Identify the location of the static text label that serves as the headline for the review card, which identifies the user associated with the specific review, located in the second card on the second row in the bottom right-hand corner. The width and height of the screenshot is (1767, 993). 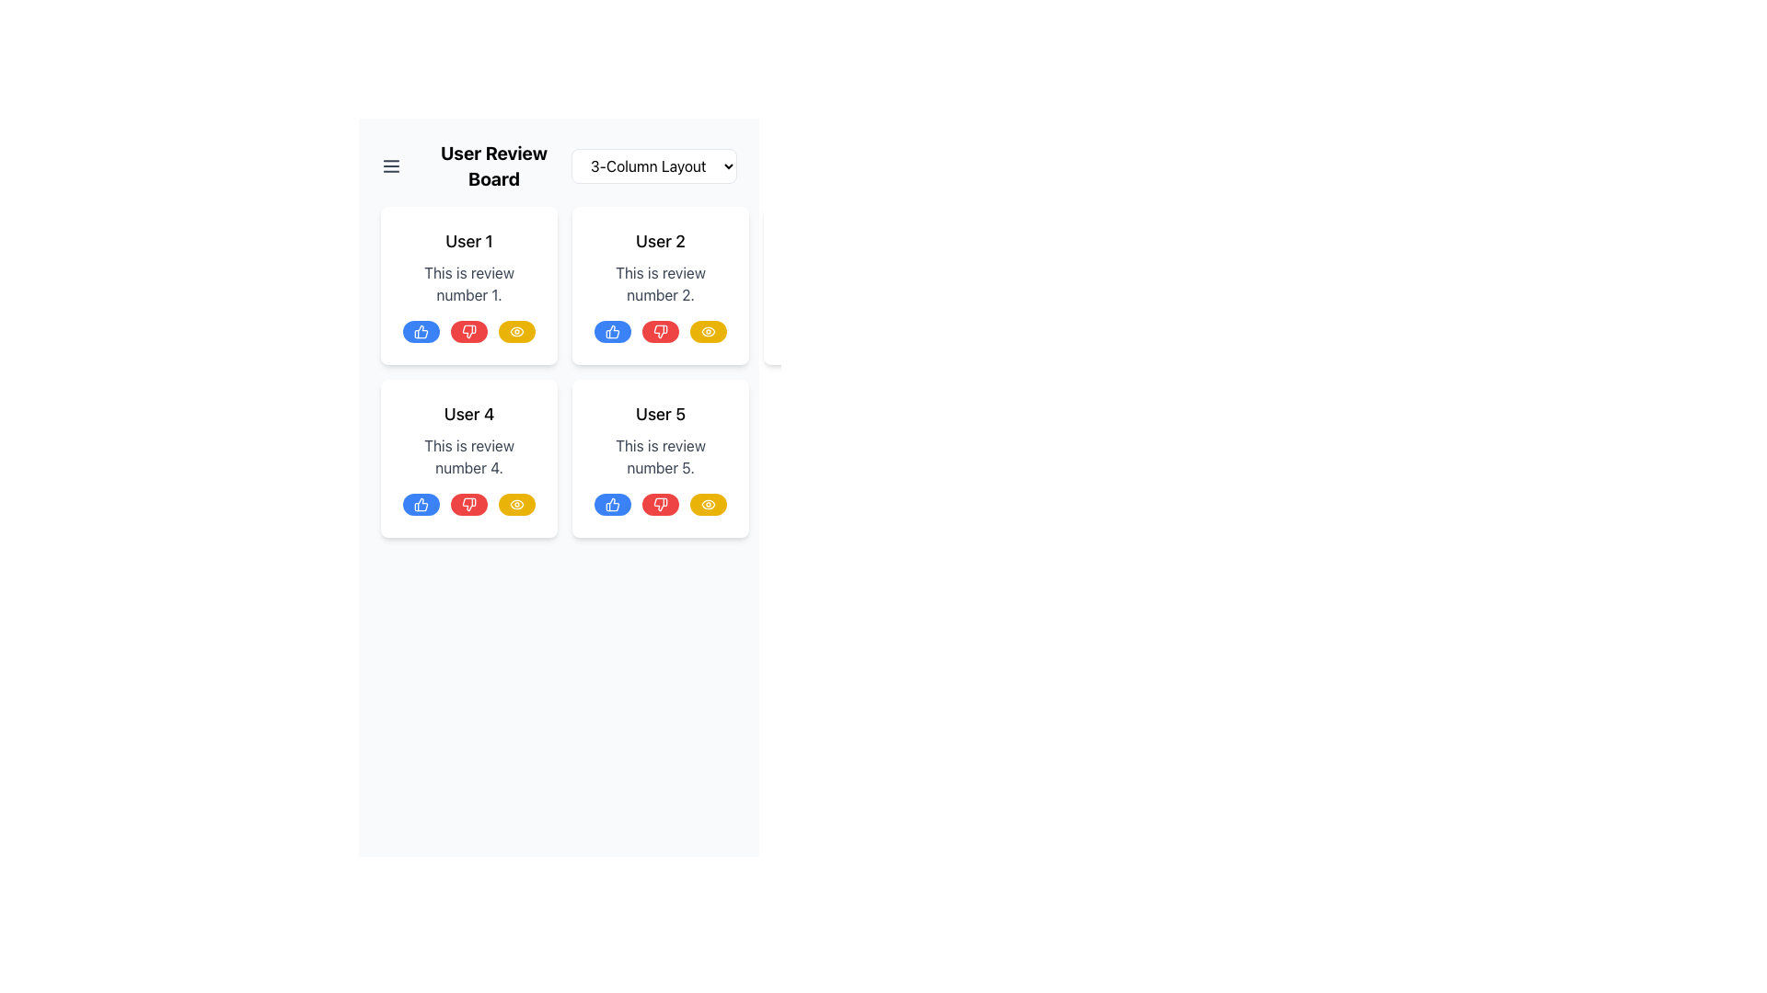
(661, 415).